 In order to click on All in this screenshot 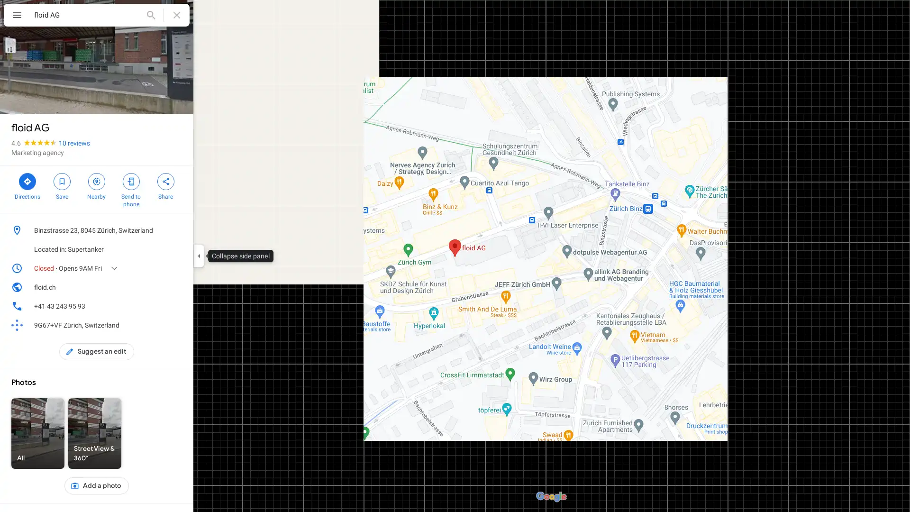, I will do `click(38, 433)`.